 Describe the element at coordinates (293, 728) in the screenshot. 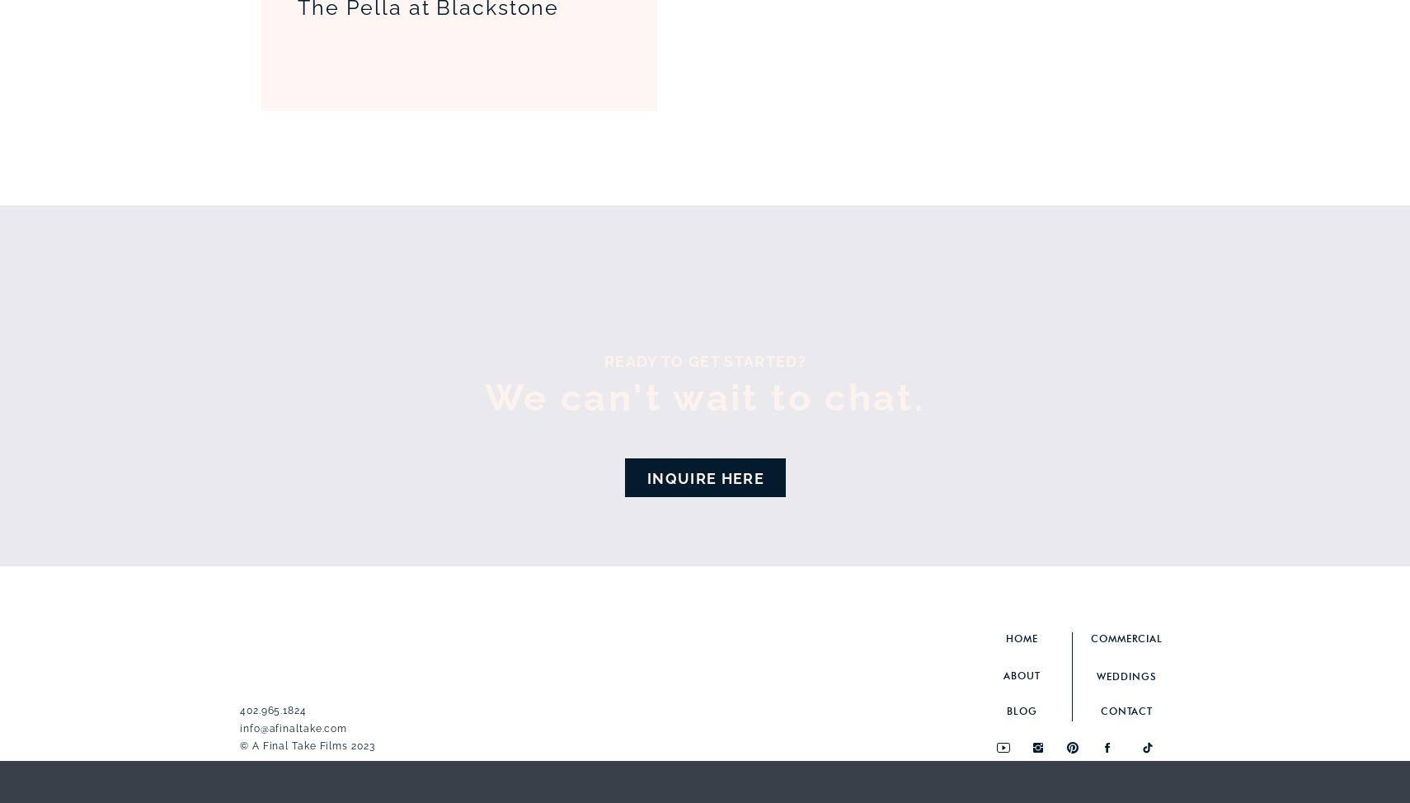

I see `'info@afinaltake.com'` at that location.